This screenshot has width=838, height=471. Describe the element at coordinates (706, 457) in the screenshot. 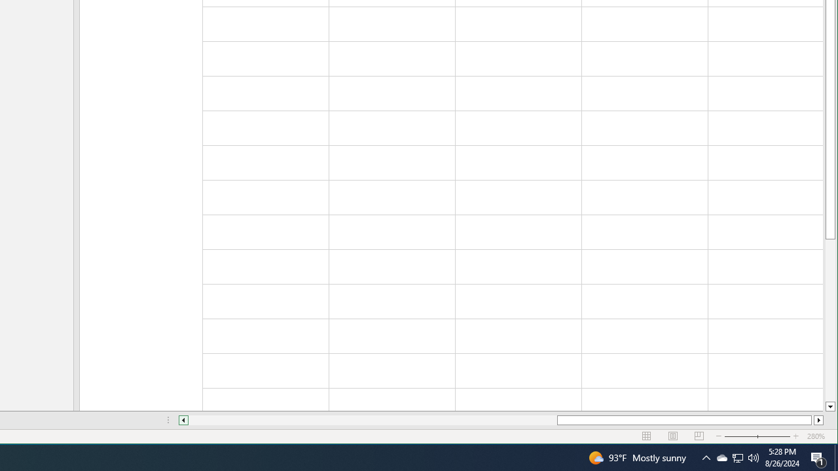

I see `'Notification Chevron'` at that location.